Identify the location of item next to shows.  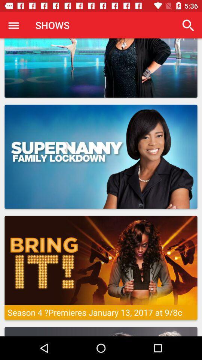
(188, 25).